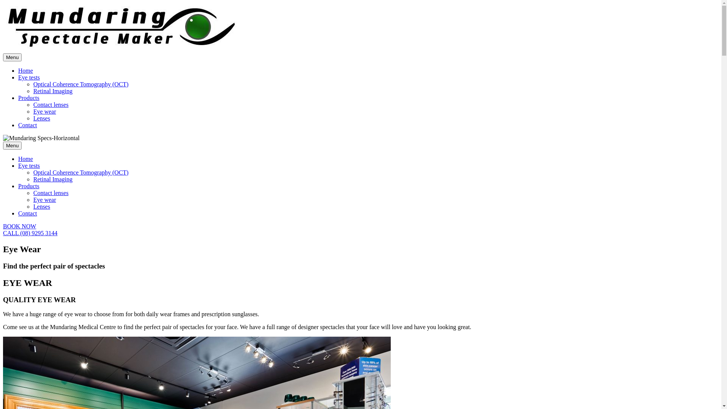 The height and width of the screenshot is (409, 727). I want to click on 'Contact lenses', so click(50, 192).